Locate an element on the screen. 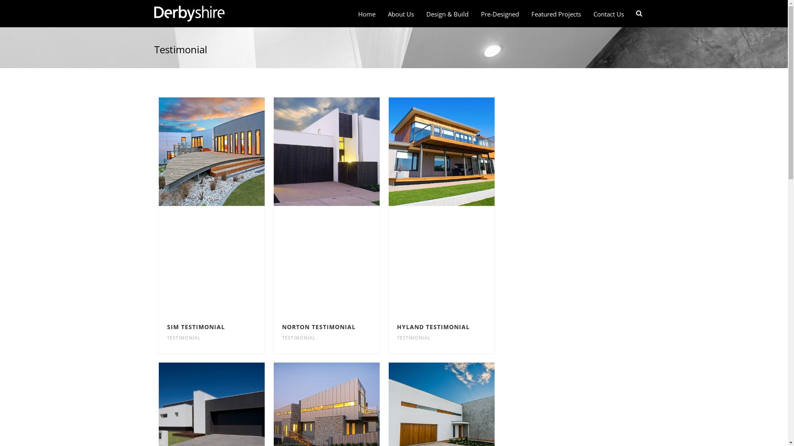 This screenshot has height=446, width=794. 'TESTIMONIAL' is located at coordinates (166, 337).